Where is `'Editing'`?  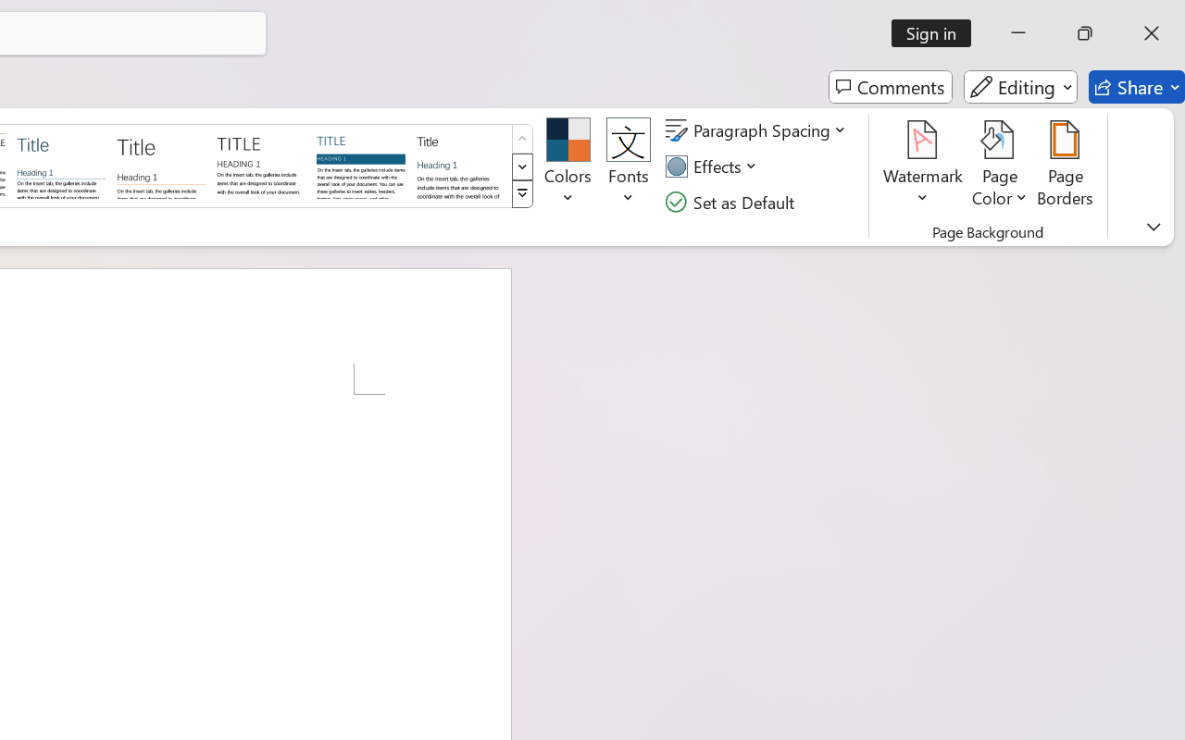 'Editing' is located at coordinates (1019, 87).